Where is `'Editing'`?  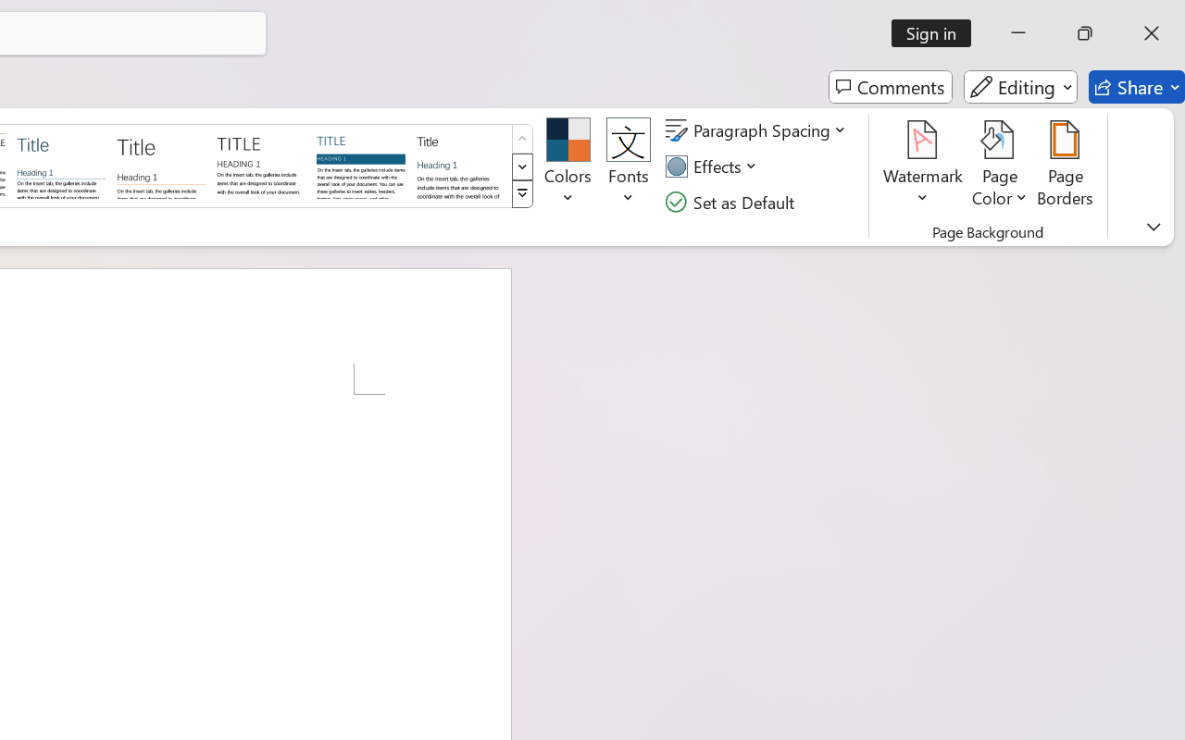 'Editing' is located at coordinates (1019, 87).